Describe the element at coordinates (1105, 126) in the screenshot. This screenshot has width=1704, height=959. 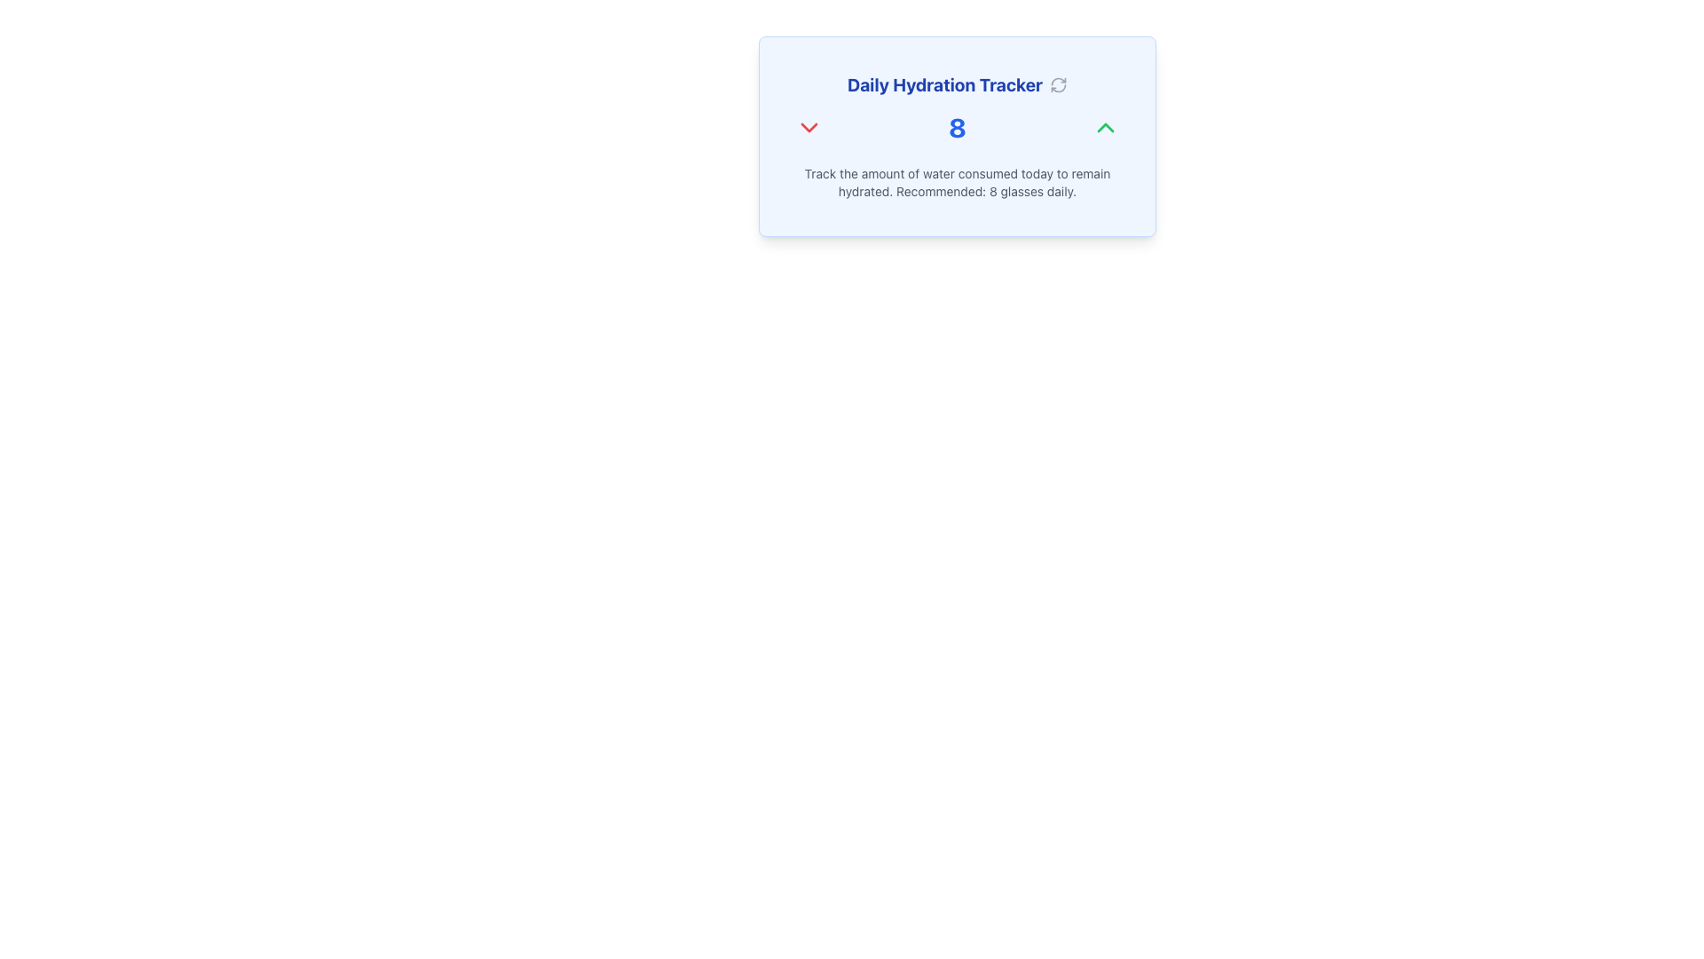
I see `the upward-pointing chevron icon within the green circular button located at the top-left corner of the 'Daily Hydration Tracker' card UI` at that location.